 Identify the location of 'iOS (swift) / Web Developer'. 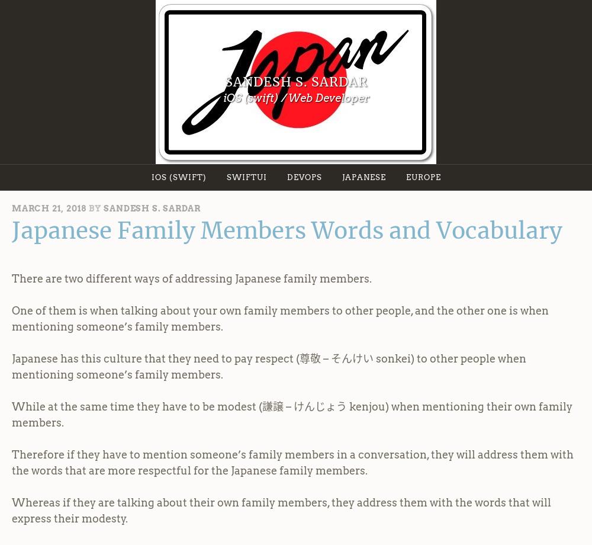
(295, 97).